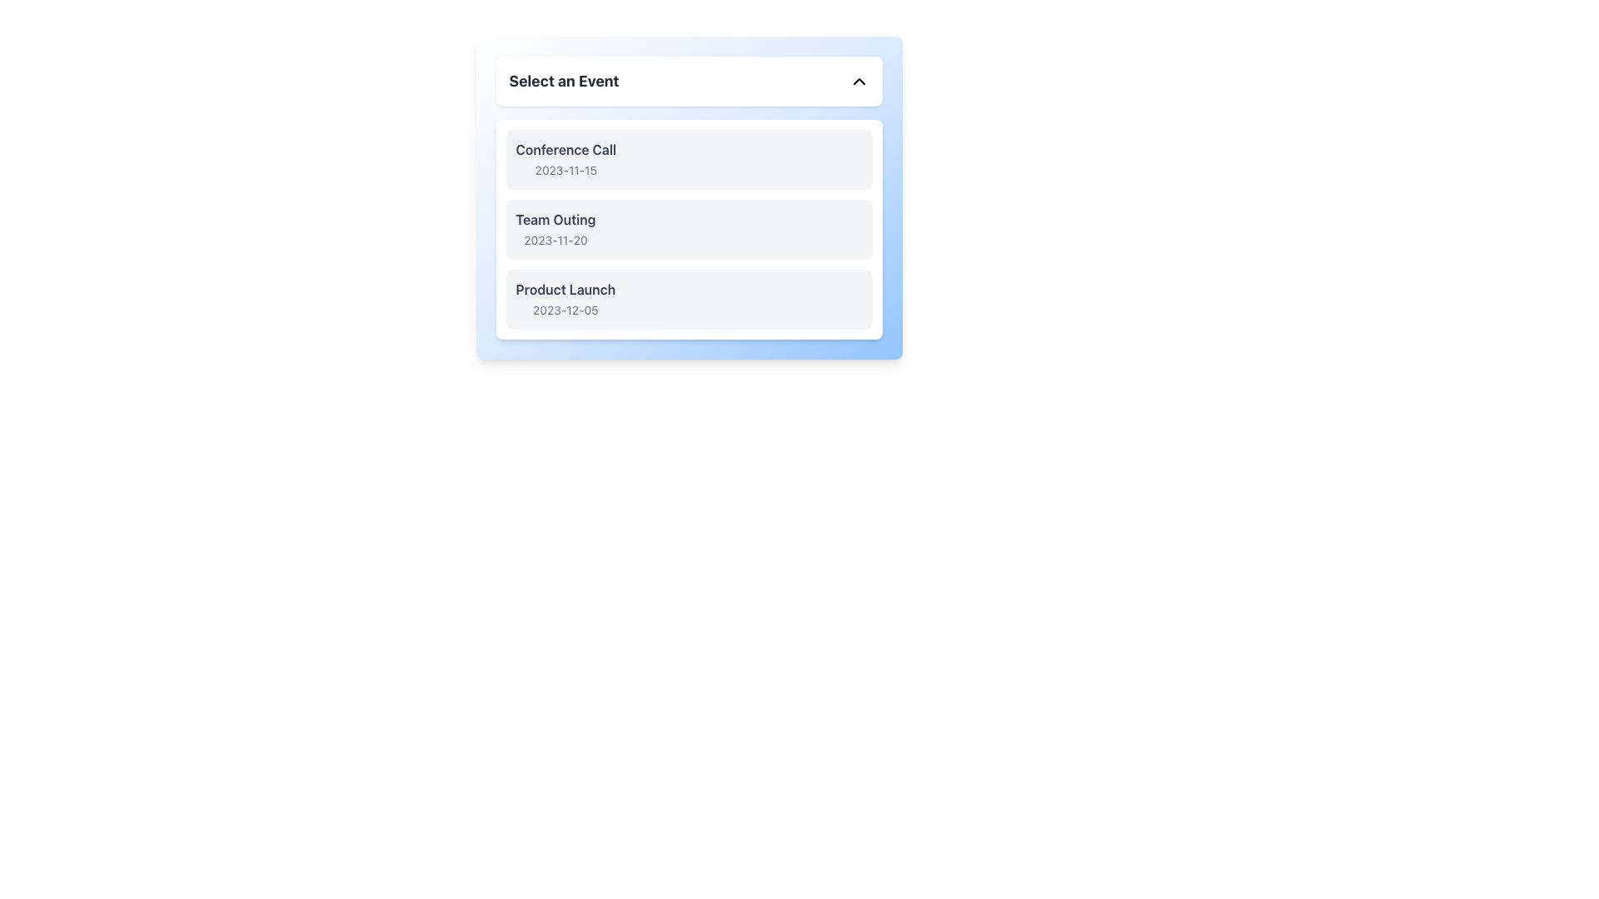 This screenshot has height=899, width=1599. What do you see at coordinates (689, 160) in the screenshot?
I see `the 'Conference Call' button, which has a light gray background and displays the date '2023-11-15' below the title` at bounding box center [689, 160].